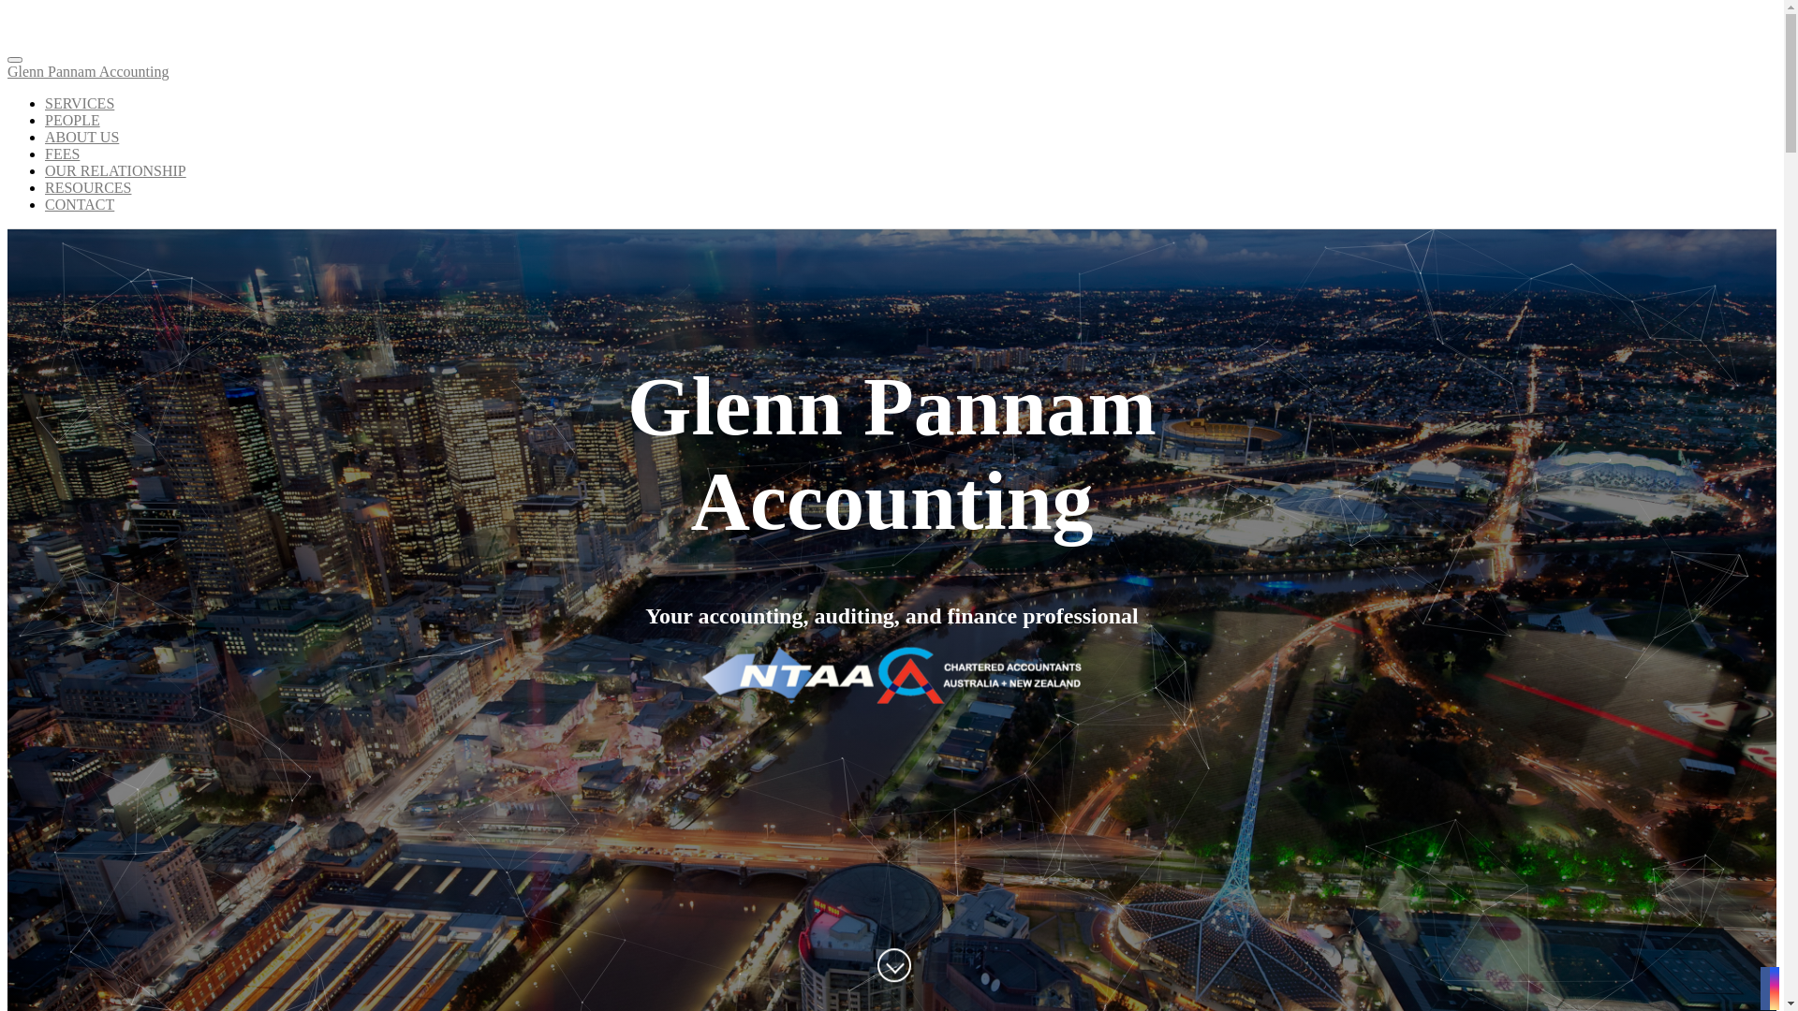  I want to click on 'FEES', so click(62, 153).